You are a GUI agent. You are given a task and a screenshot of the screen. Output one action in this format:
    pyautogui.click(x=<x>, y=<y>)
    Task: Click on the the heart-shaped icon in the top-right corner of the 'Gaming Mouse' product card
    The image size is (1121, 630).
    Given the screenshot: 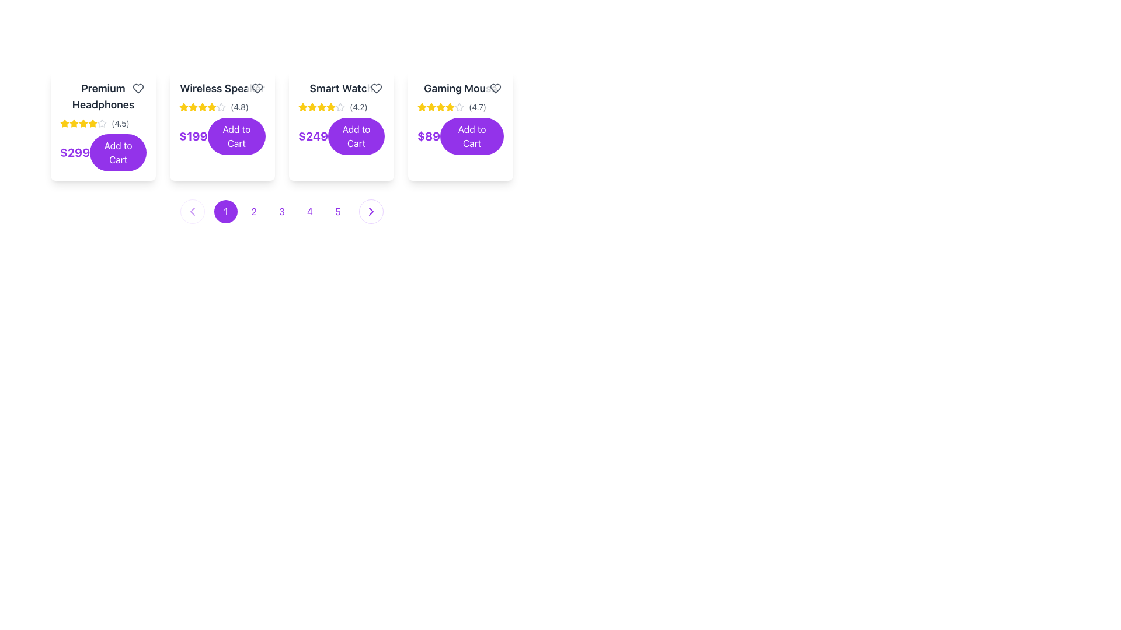 What is the action you would take?
    pyautogui.click(x=496, y=87)
    